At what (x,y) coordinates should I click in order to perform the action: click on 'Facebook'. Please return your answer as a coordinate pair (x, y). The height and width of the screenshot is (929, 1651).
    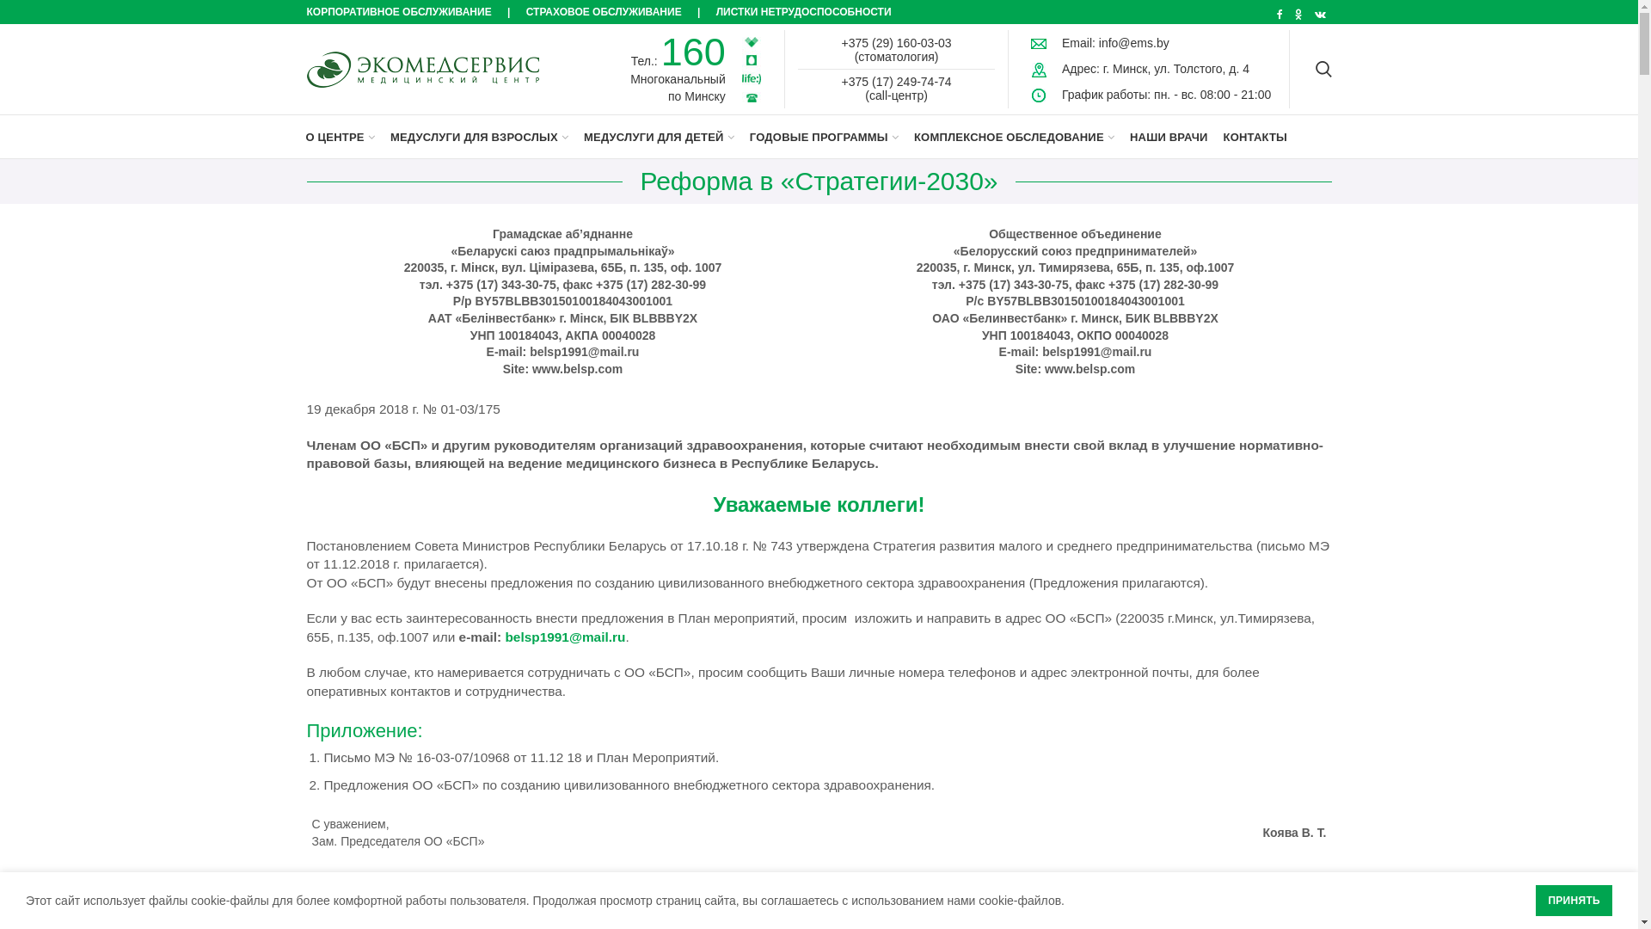
    Looking at the image, I should click on (1271, 14).